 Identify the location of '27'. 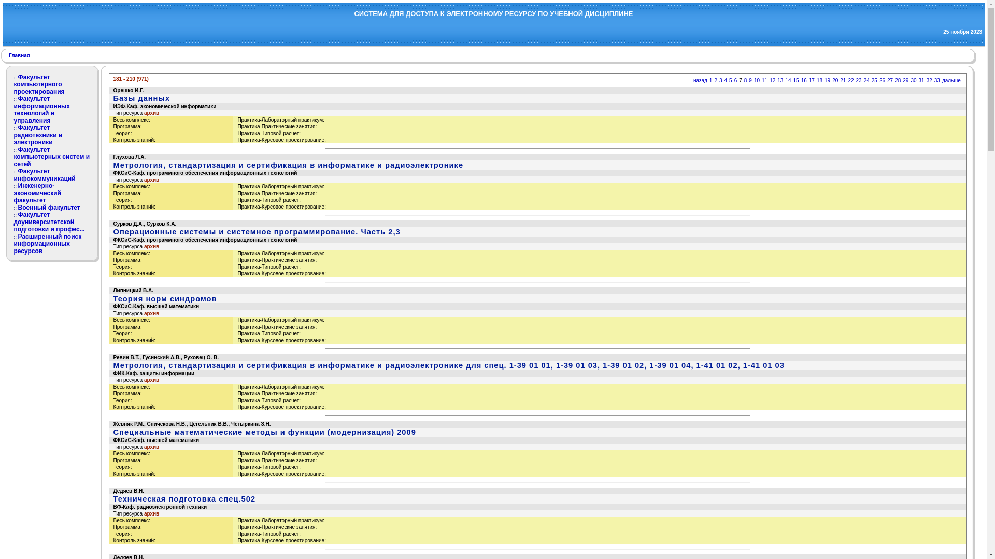
(889, 80).